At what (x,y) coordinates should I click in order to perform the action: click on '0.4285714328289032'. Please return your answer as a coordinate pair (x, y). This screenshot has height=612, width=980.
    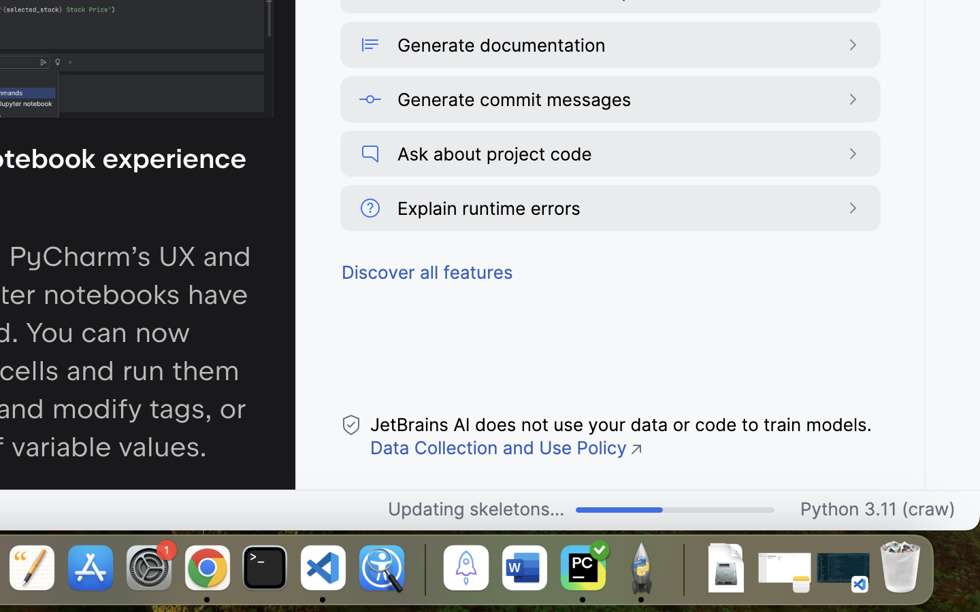
    Looking at the image, I should click on (422, 569).